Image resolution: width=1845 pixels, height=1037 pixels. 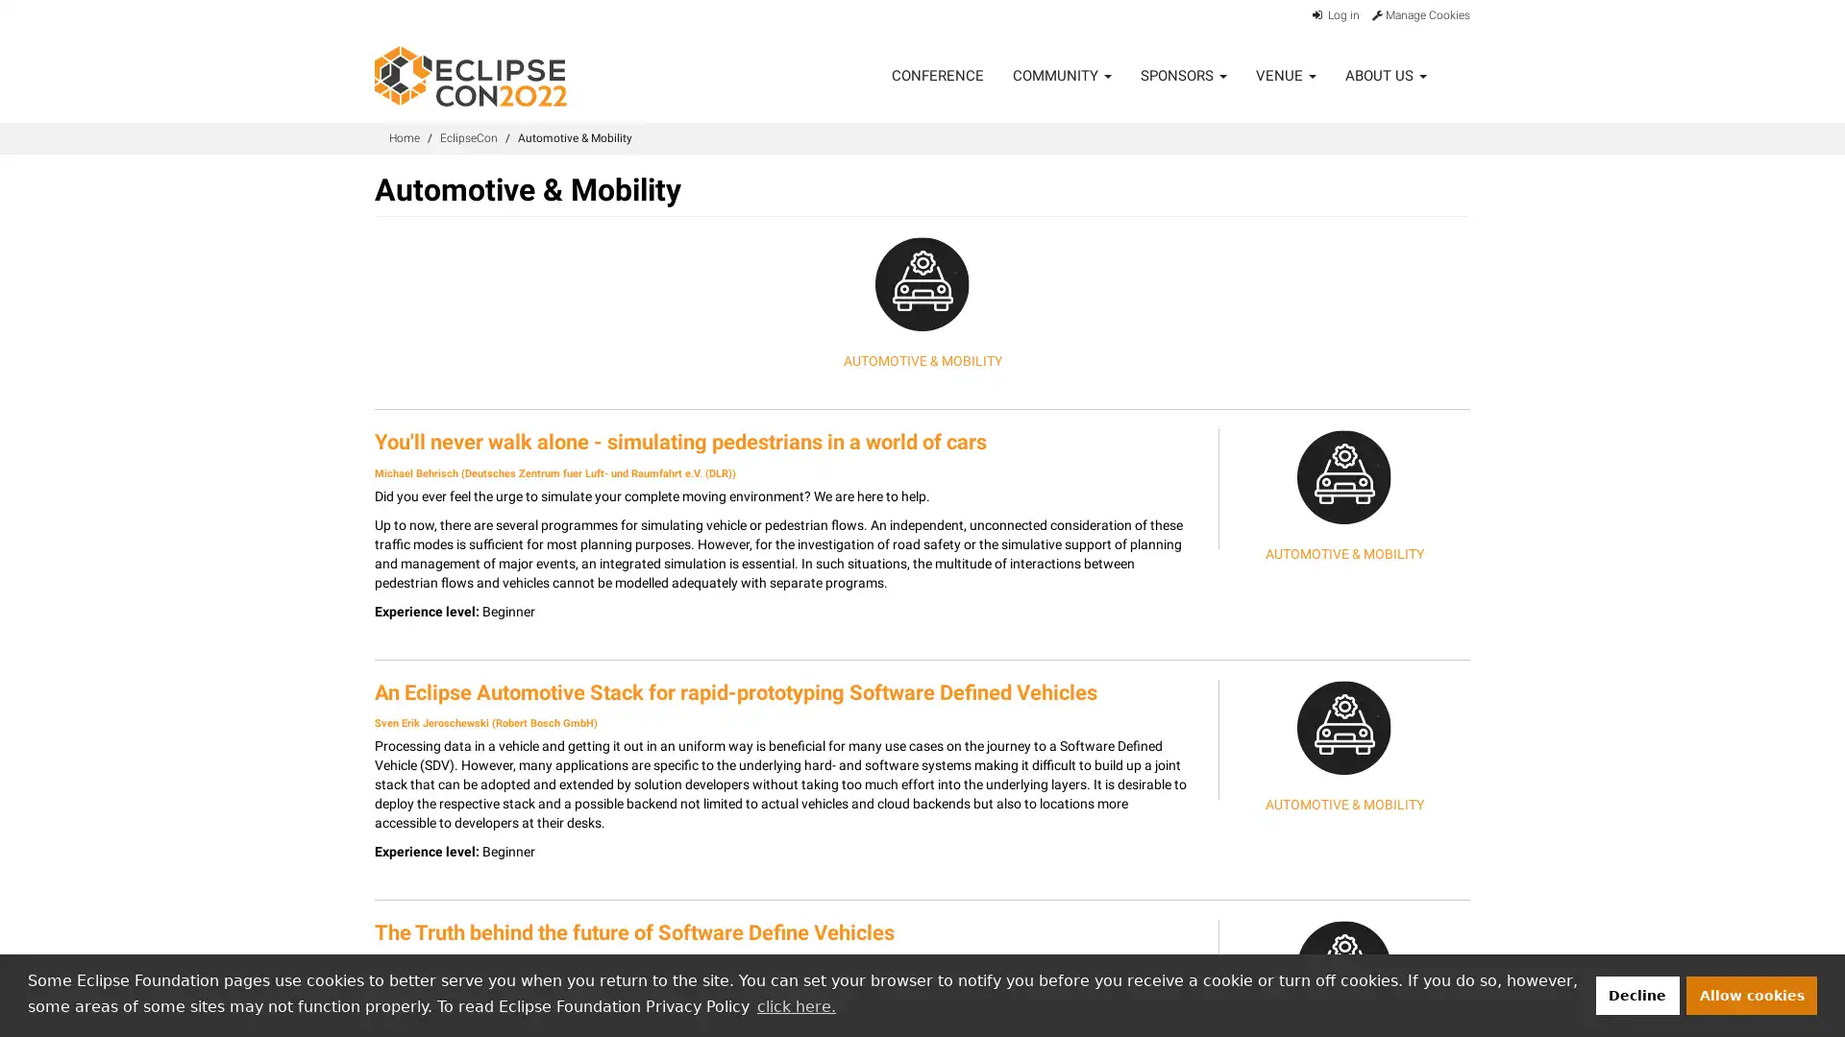 I want to click on learn more about cookies, so click(x=796, y=1005).